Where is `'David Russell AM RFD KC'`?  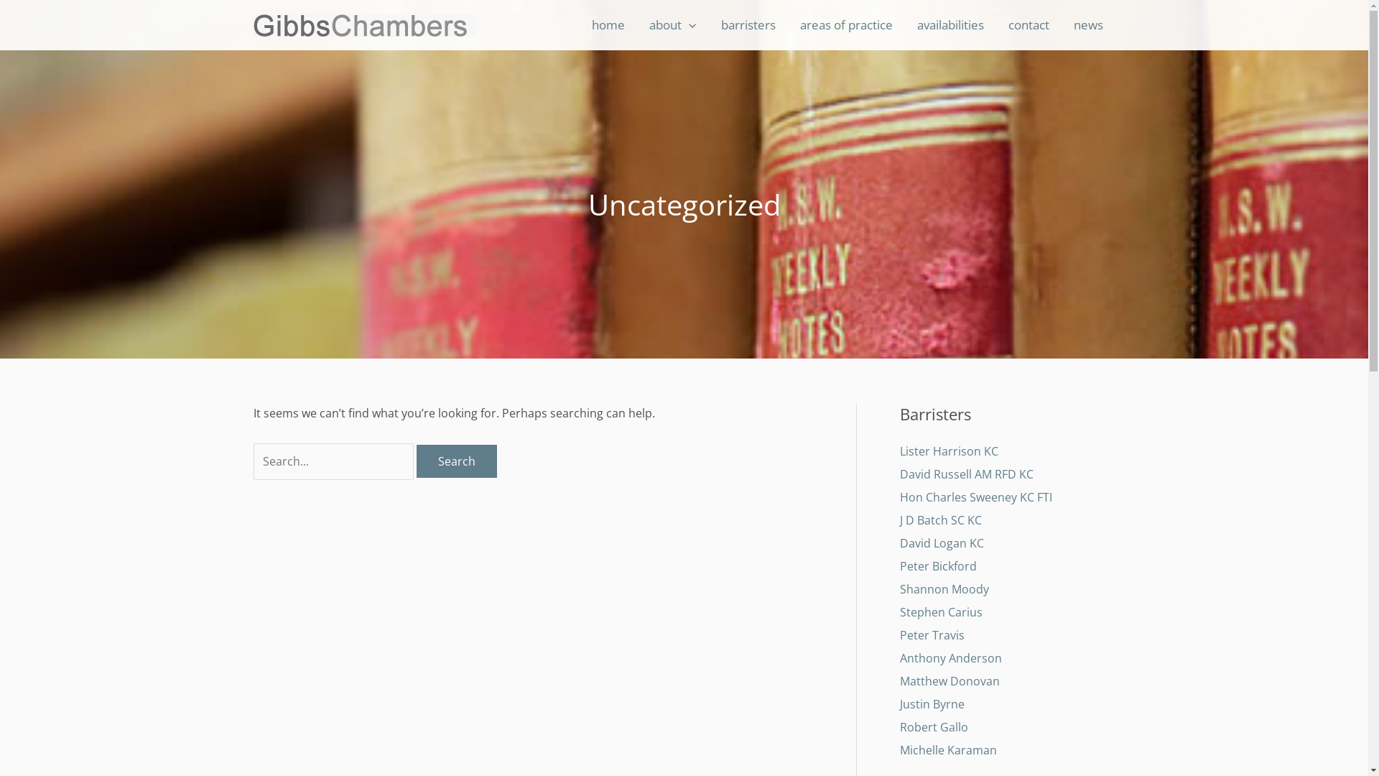
'David Russell AM RFD KC' is located at coordinates (965, 474).